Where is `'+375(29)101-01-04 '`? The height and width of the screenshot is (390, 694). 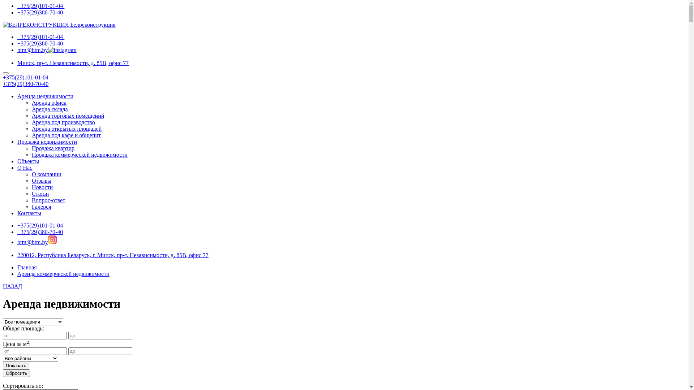 '+375(29)101-01-04 ' is located at coordinates (26, 77).